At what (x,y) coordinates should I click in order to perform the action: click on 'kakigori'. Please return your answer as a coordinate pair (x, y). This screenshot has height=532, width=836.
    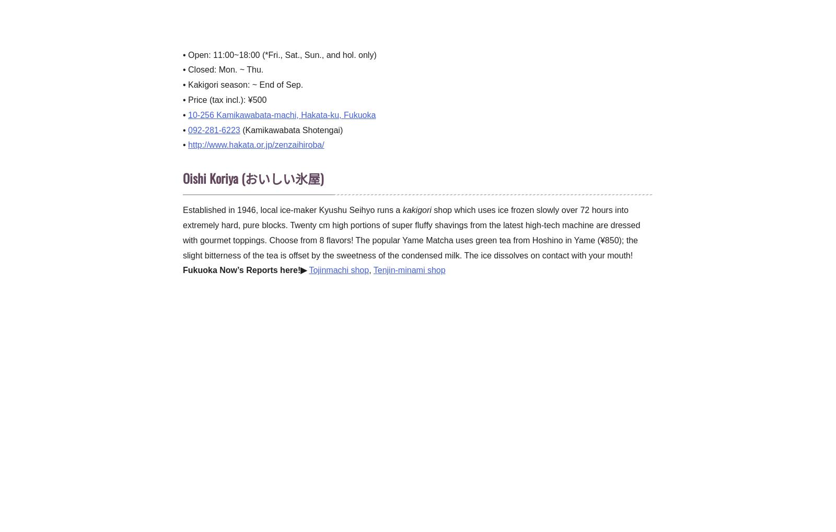
    Looking at the image, I should click on (416, 209).